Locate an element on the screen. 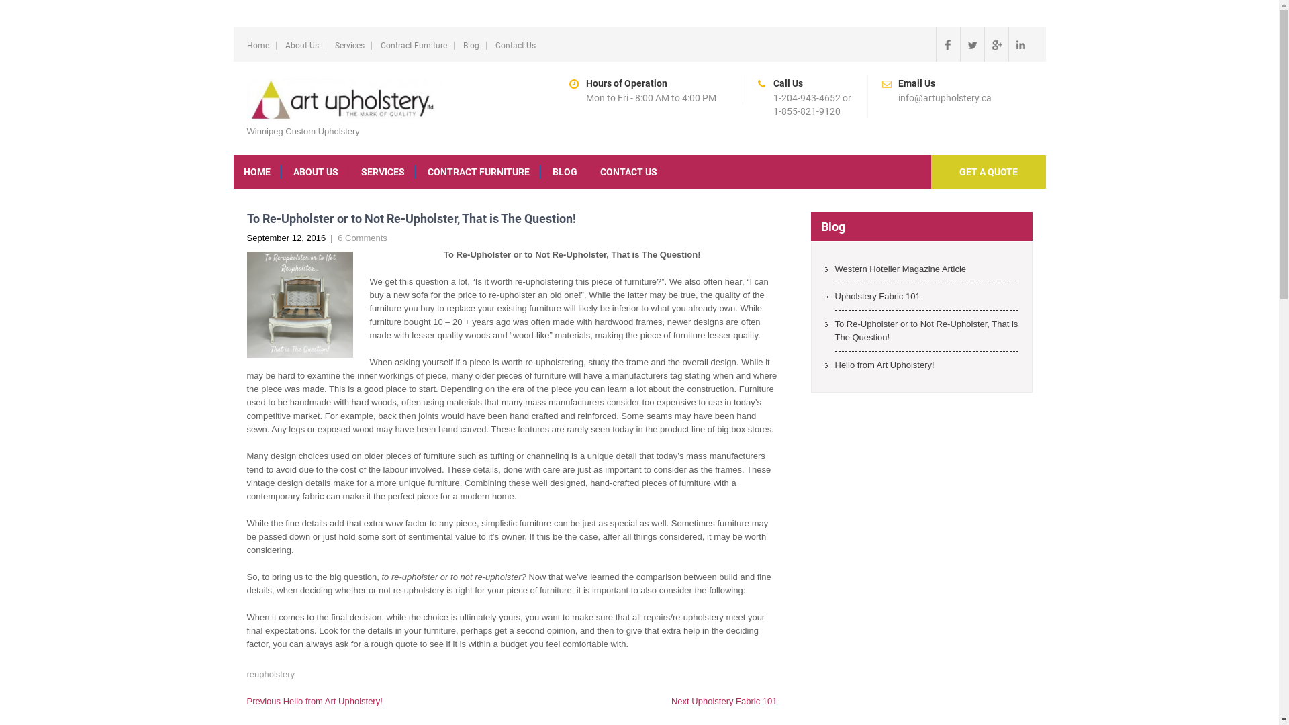 This screenshot has height=725, width=1289. 'CONTRACT FURNITURE' is located at coordinates (417, 171).